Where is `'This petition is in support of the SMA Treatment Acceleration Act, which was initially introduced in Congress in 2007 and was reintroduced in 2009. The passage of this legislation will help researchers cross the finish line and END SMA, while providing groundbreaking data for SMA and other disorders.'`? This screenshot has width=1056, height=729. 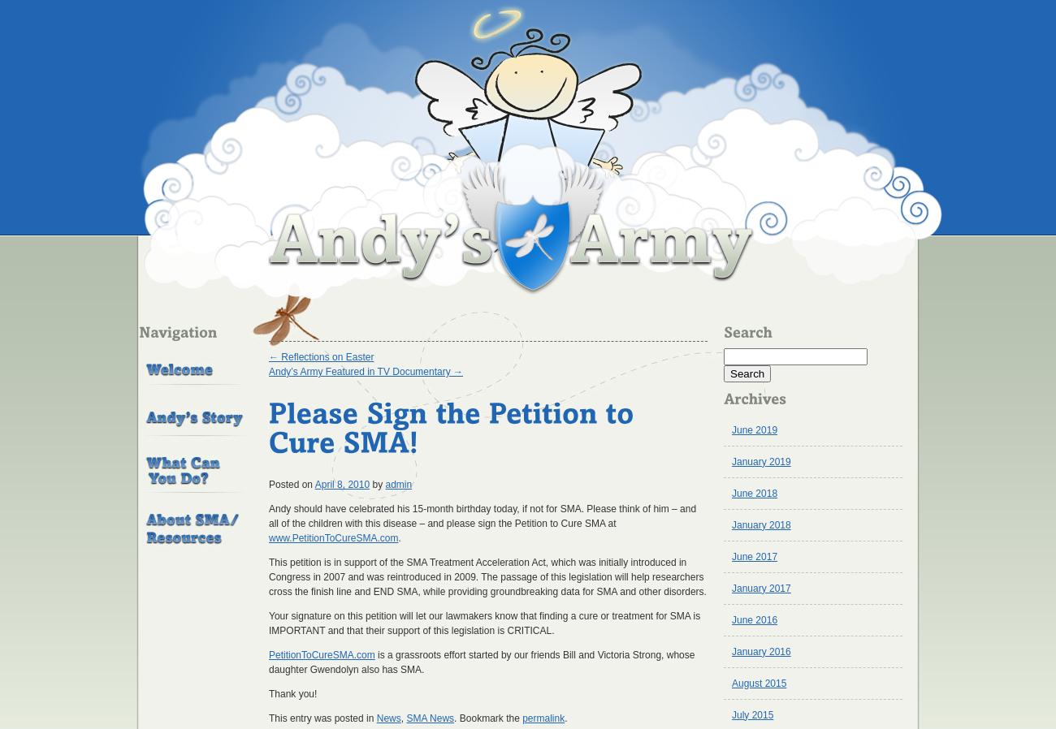 'This petition is in support of the SMA Treatment Acceleration Act, which was initially introduced in Congress in 2007 and was reintroduced in 2009. The passage of this legislation will help researchers cross the finish line and END SMA, while providing groundbreaking data for SMA and other disorders.' is located at coordinates (267, 577).